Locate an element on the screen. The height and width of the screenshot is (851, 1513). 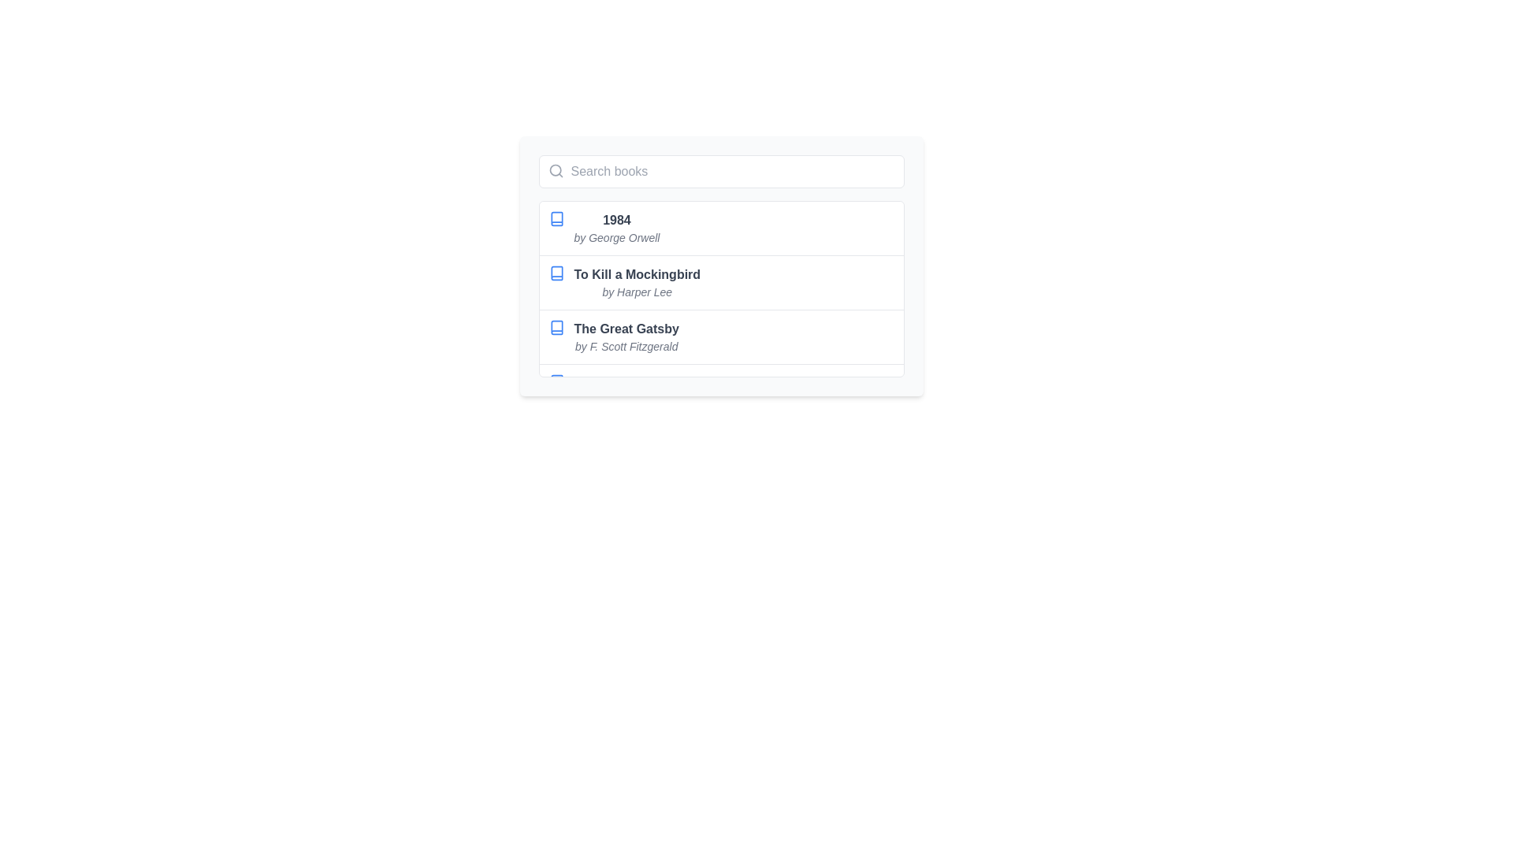
the italic, small-sized text label that reads 'by Harper Lee', which is positioned directly below the title 'To Kill a Mockingbird' is located at coordinates (637, 292).